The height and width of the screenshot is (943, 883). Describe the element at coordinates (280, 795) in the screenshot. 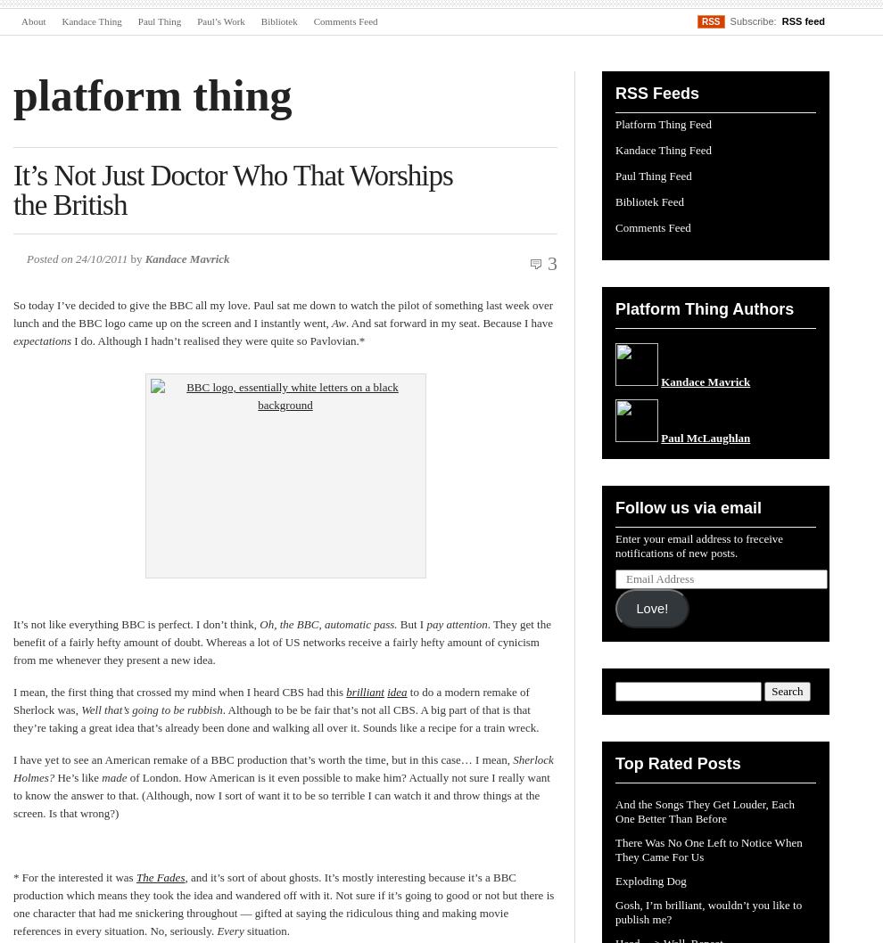

I see `'of London. How American is it even possible to make him? Actually not sure I really want to know the answer to that. (Although, now I sort of want it to be so terrible I can watch it and throw things at the screen. Is that wrong?)'` at that location.